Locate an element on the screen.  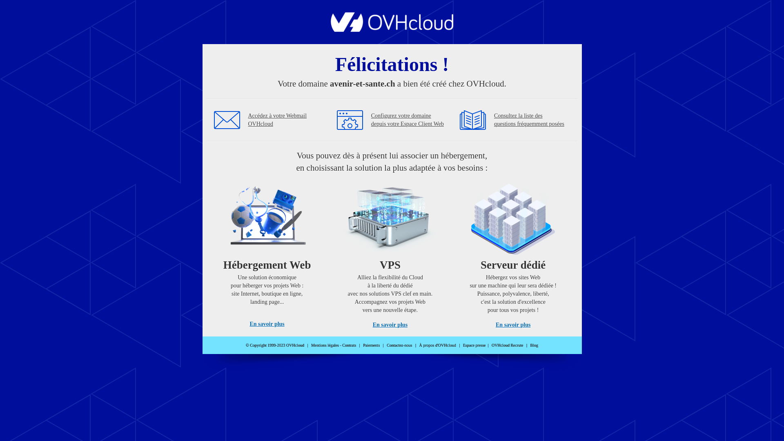
'OVHcloud Recrute' is located at coordinates (507, 345).